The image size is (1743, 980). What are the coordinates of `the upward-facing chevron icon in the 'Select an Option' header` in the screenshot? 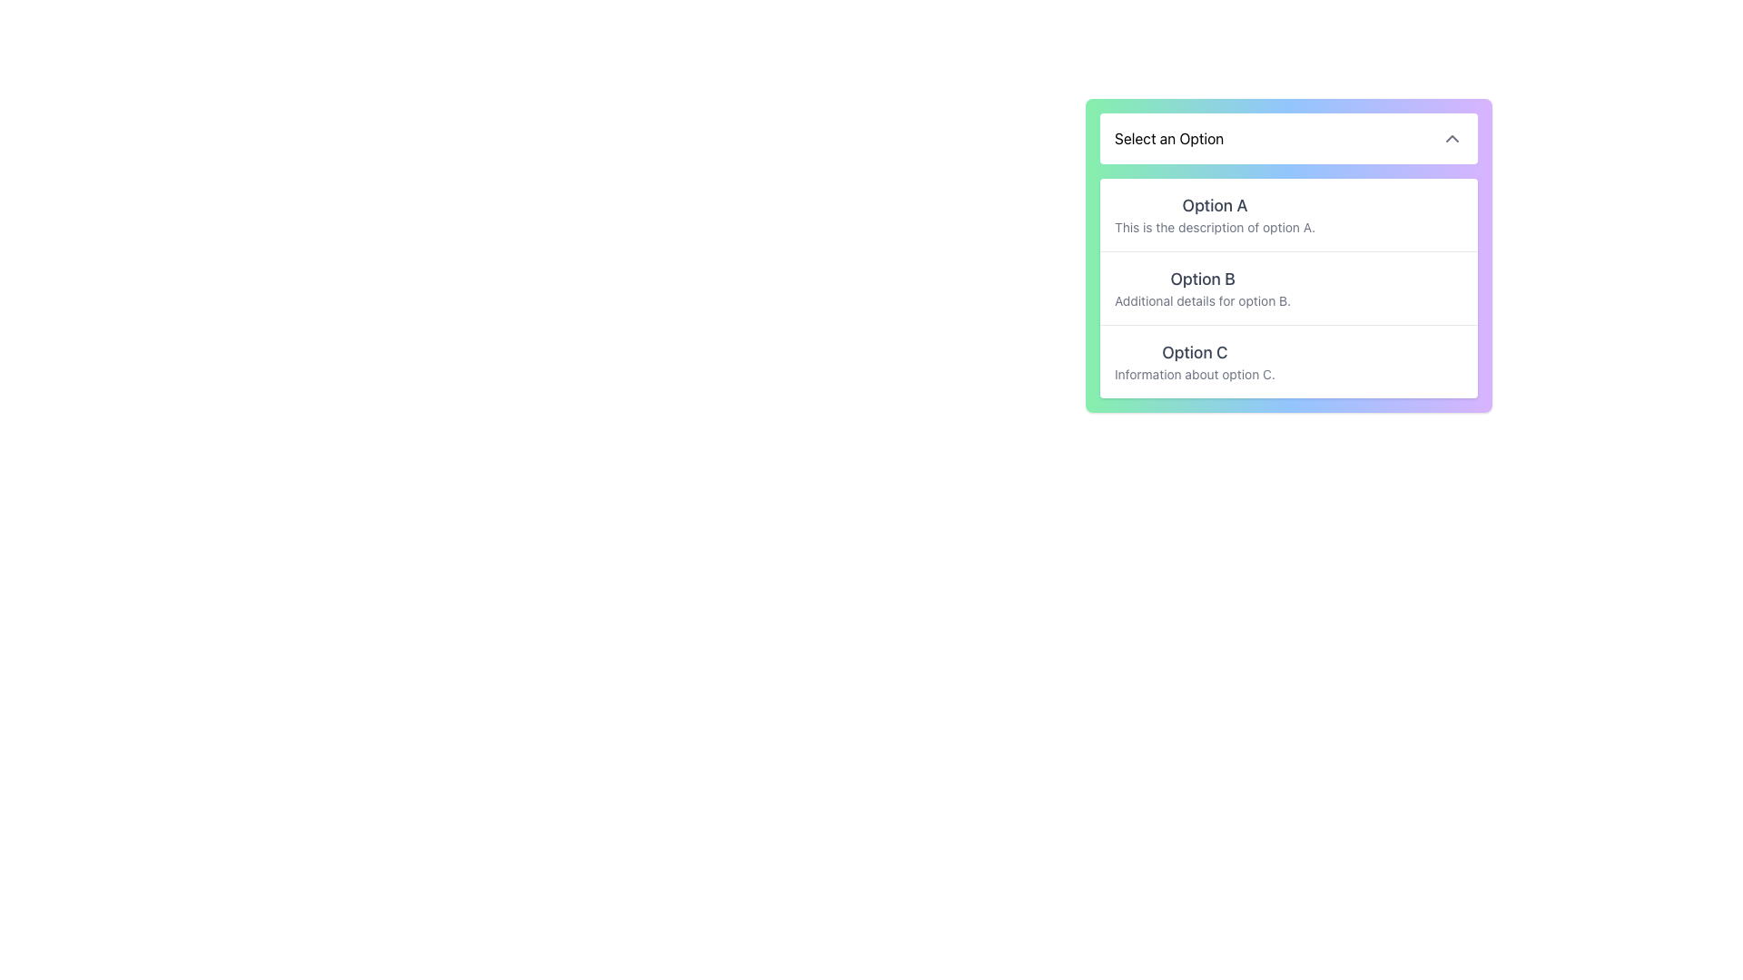 It's located at (1451, 138).